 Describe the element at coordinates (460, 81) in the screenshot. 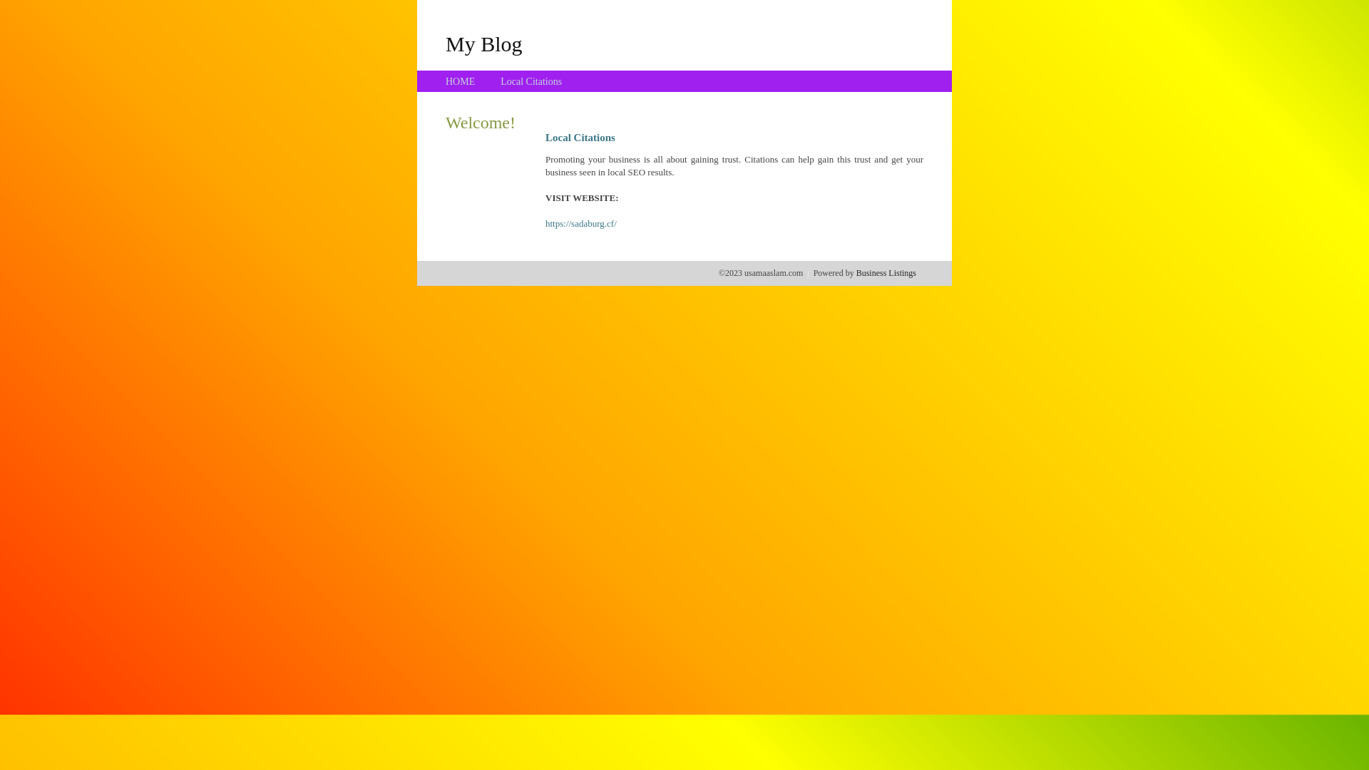

I see `'HOME'` at that location.